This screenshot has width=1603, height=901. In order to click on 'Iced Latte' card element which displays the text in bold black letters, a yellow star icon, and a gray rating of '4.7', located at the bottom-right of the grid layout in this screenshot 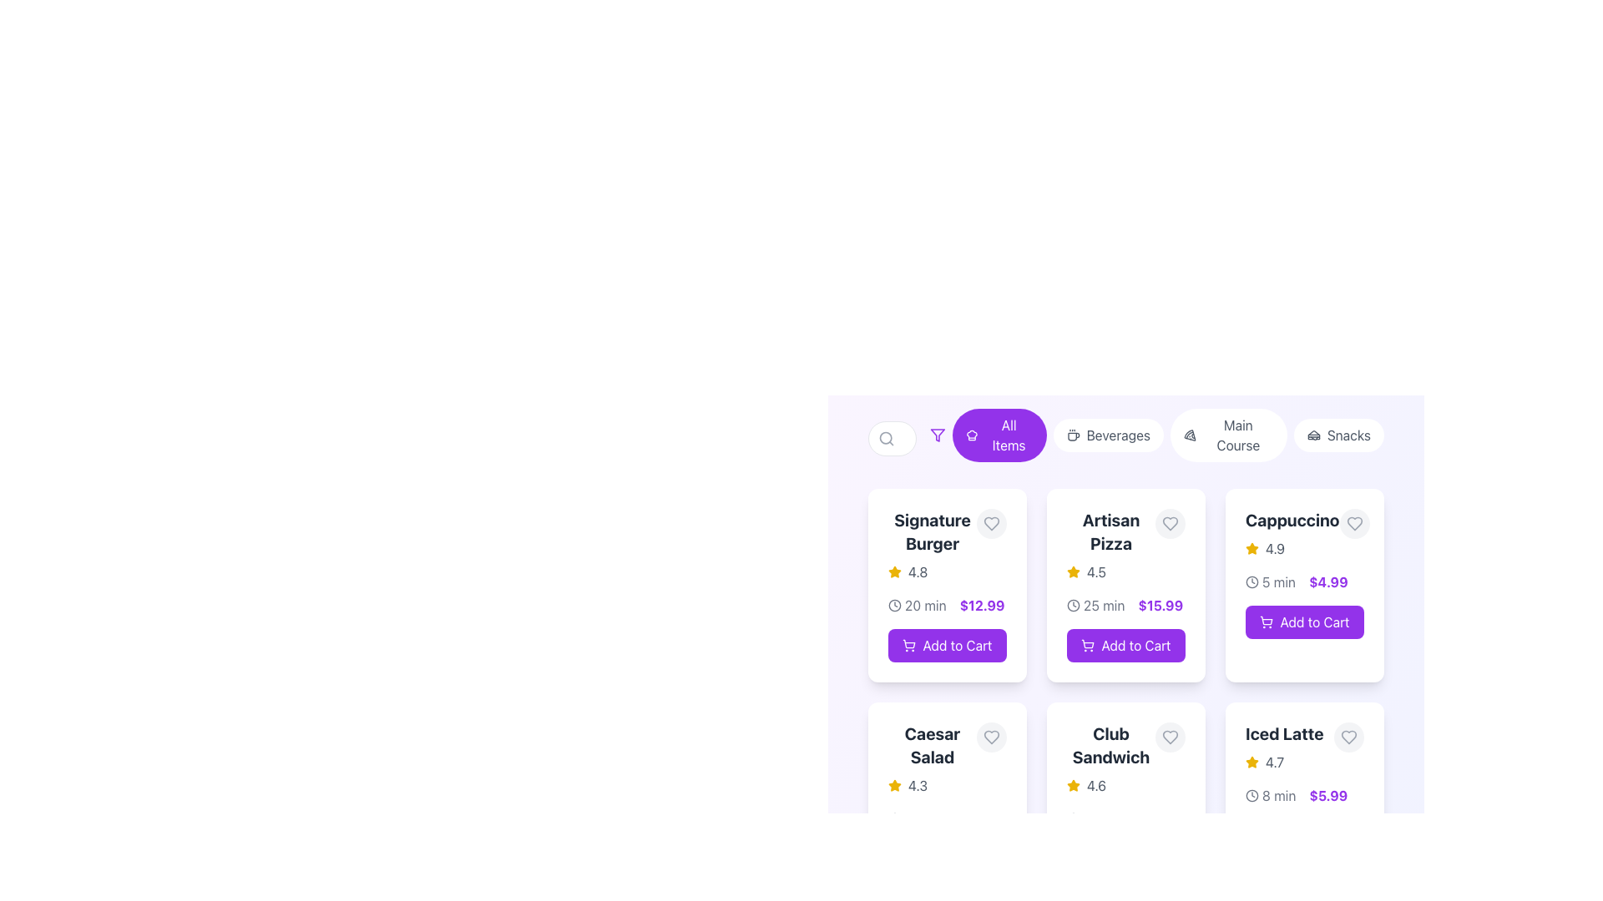, I will do `click(1283, 746)`.